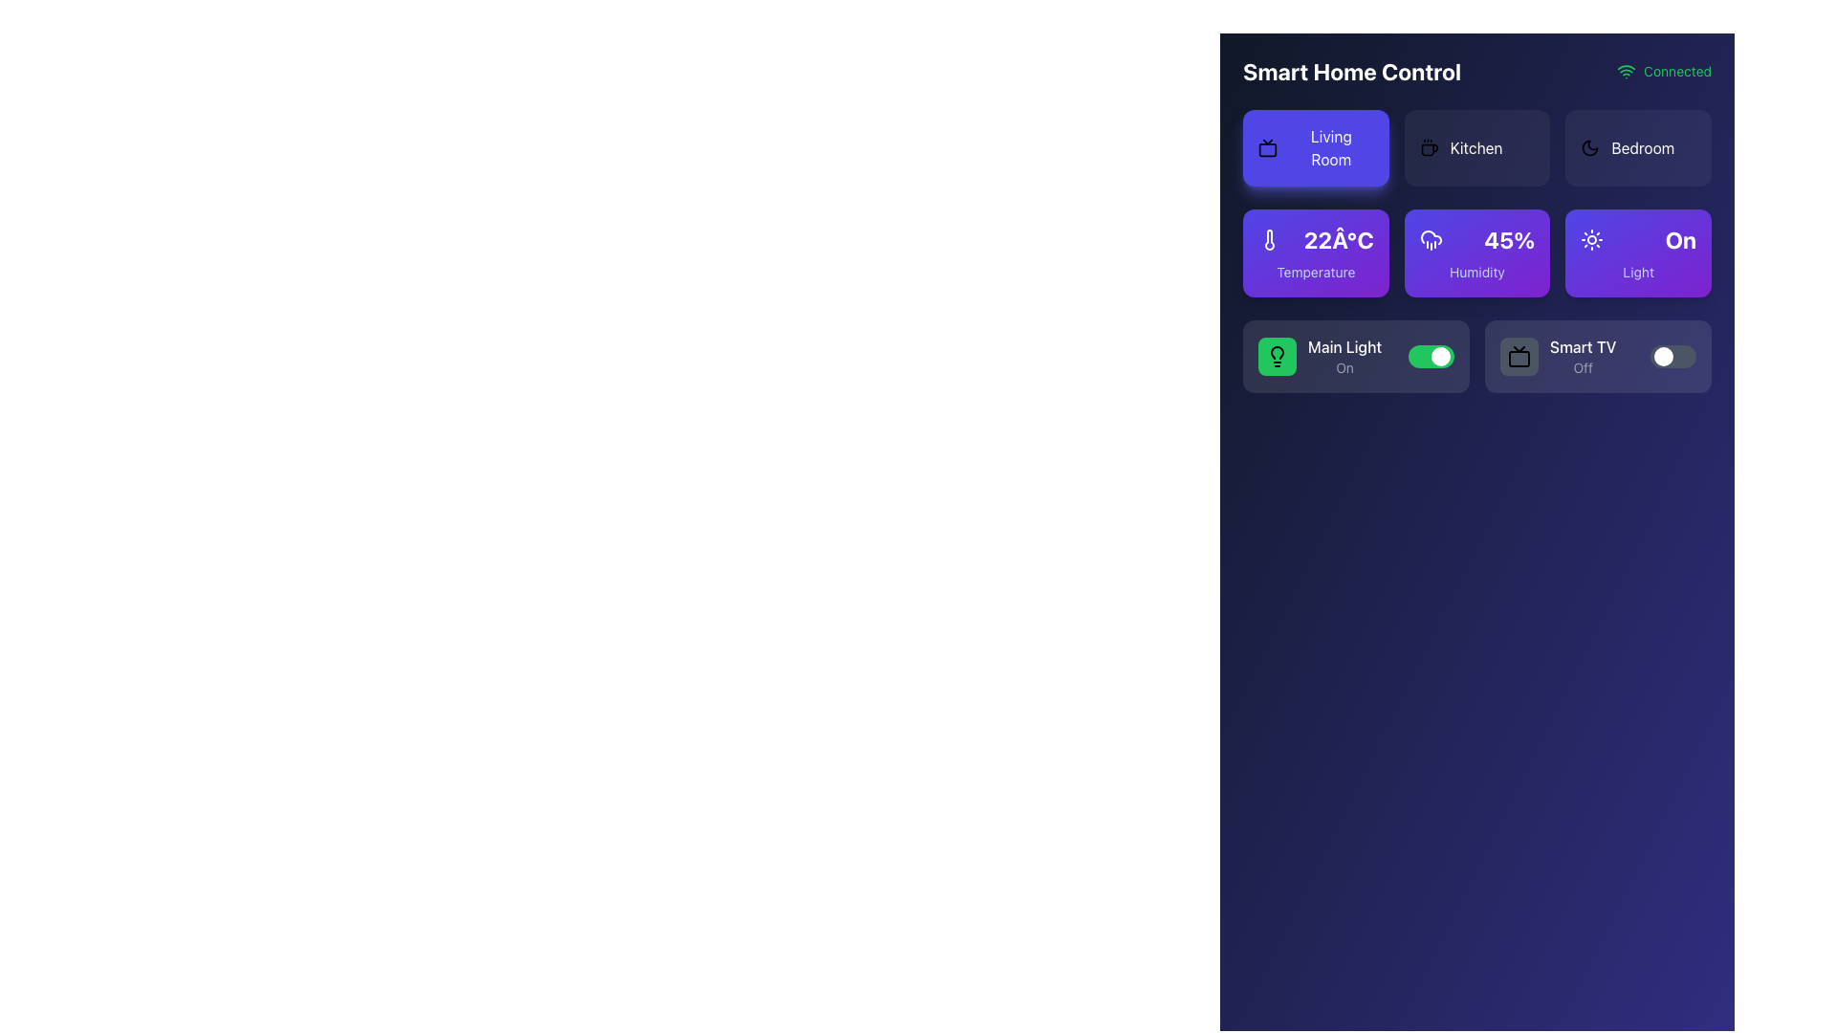 The image size is (1836, 1033). Describe the element at coordinates (1267, 149) in the screenshot. I see `the lower rectangular component of the television icon` at that location.